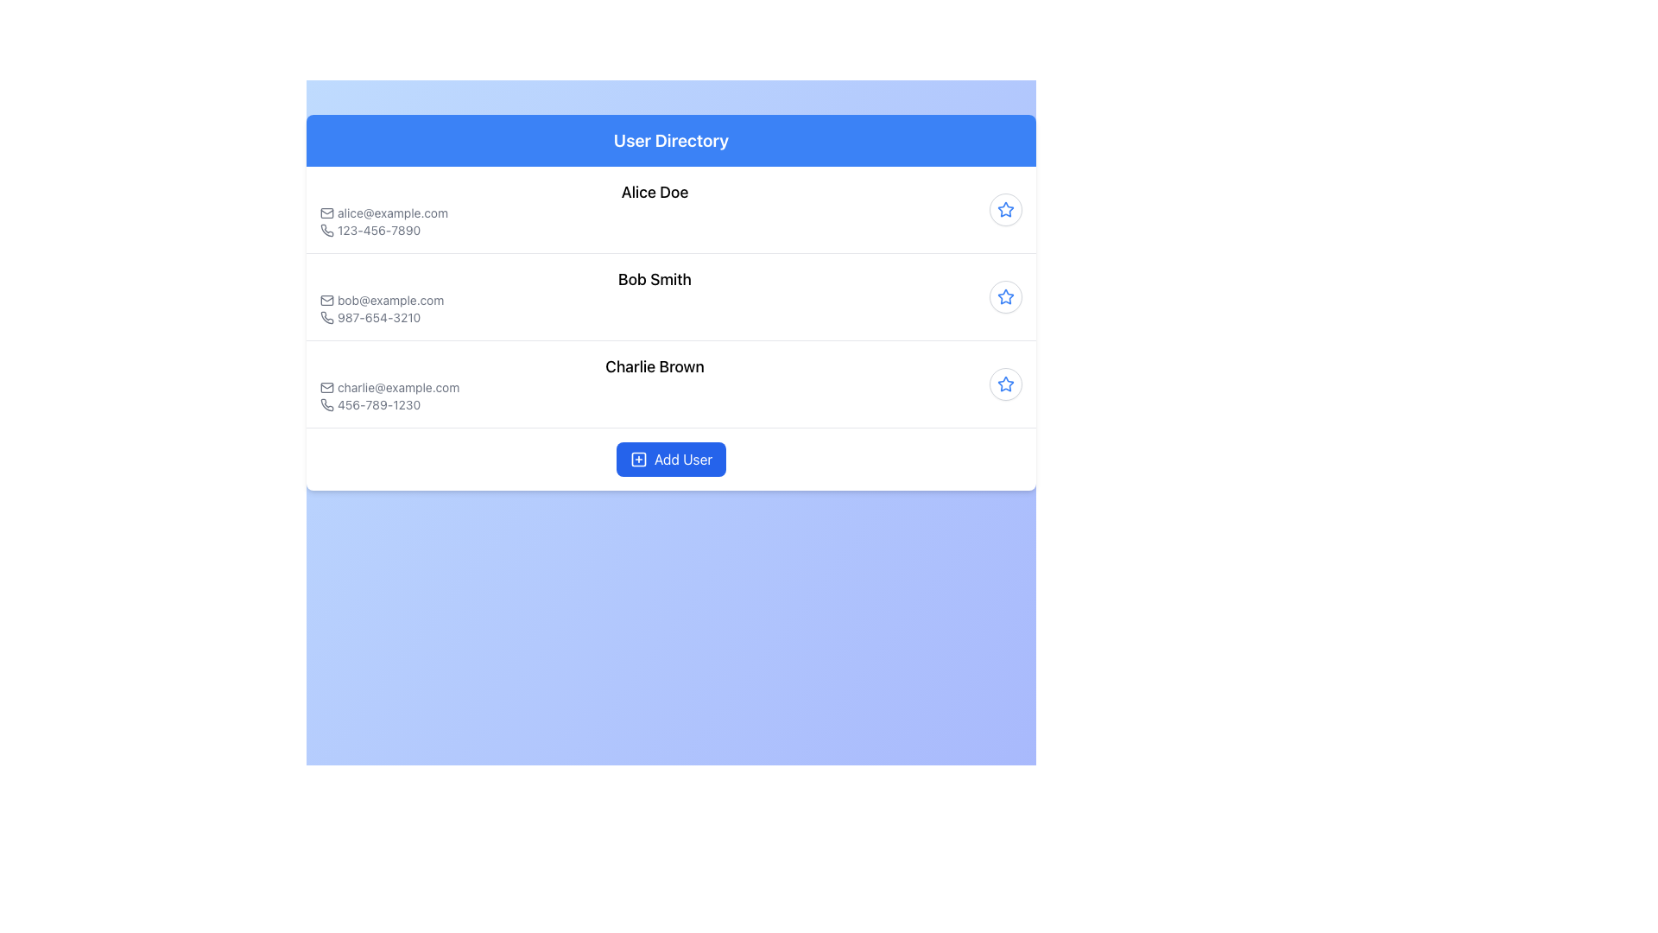 Image resolution: width=1658 pixels, height=933 pixels. Describe the element at coordinates (670, 459) in the screenshot. I see `the blue 'Add User' button with white text` at that location.